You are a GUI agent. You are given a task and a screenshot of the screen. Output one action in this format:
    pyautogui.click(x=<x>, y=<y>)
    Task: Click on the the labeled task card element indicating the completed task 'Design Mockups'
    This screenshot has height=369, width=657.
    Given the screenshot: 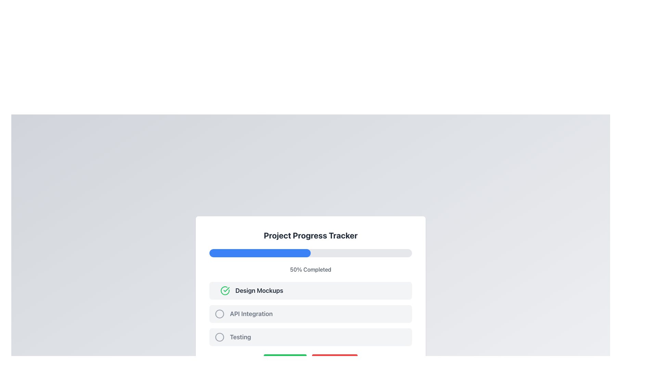 What is the action you would take?
    pyautogui.click(x=310, y=291)
    